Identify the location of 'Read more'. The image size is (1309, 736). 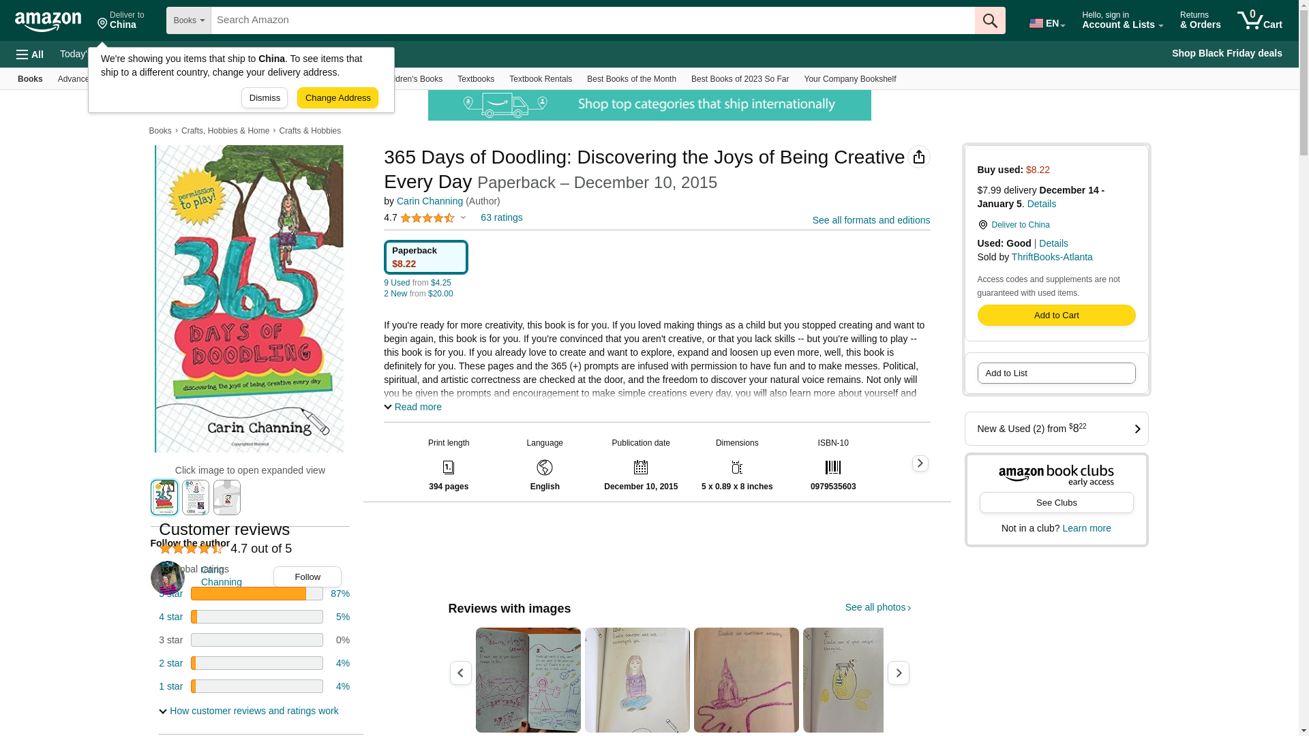
(412, 406).